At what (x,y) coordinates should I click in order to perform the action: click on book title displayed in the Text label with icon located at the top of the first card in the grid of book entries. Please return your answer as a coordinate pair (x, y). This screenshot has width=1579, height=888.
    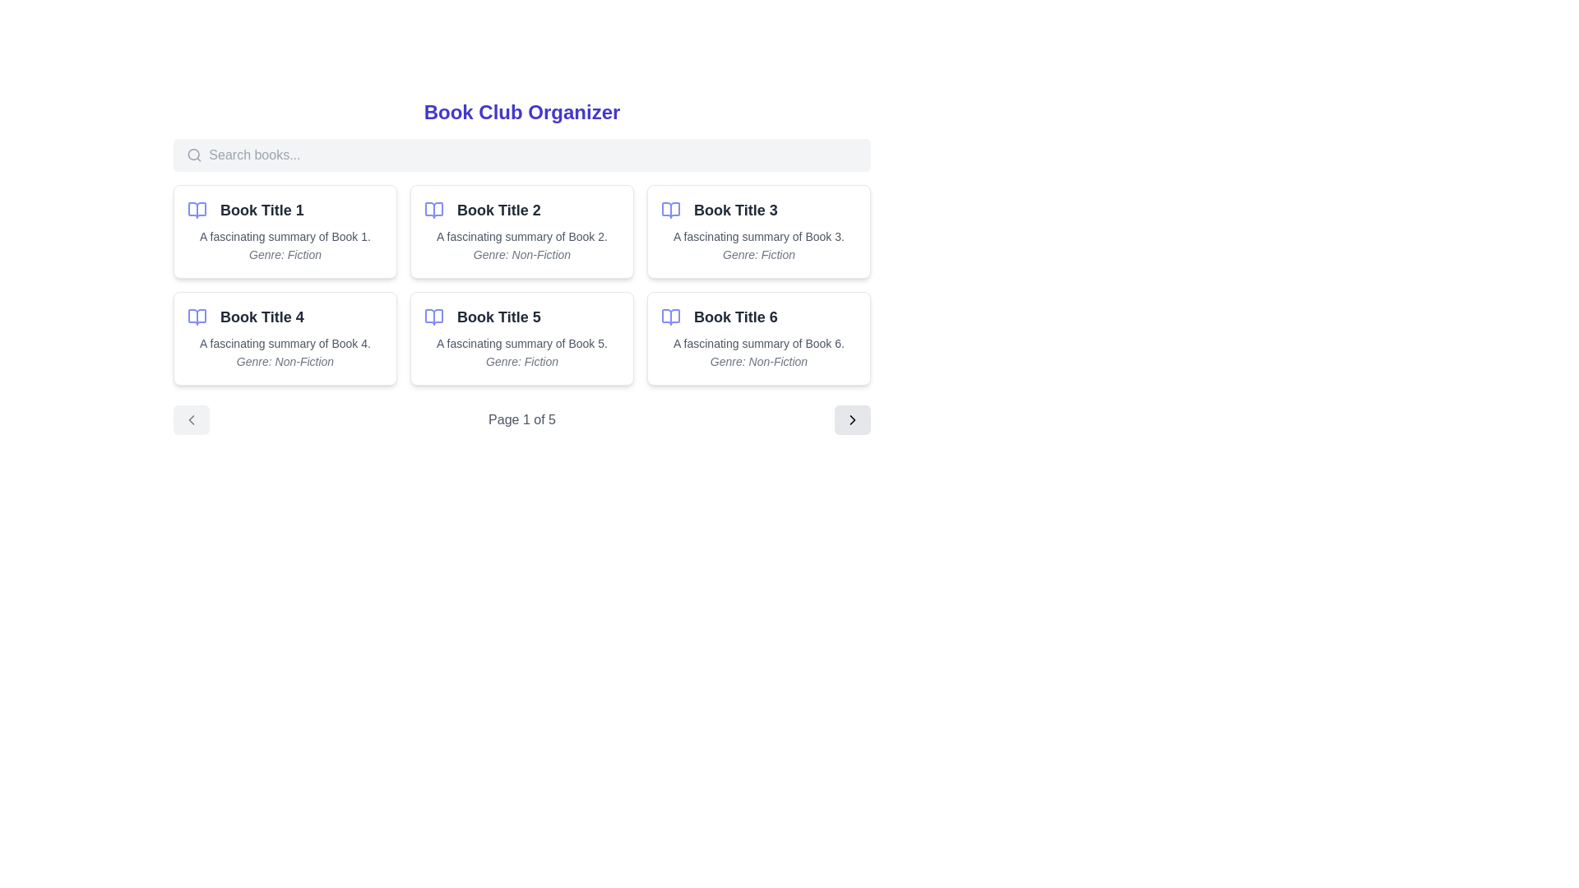
    Looking at the image, I should click on (285, 209).